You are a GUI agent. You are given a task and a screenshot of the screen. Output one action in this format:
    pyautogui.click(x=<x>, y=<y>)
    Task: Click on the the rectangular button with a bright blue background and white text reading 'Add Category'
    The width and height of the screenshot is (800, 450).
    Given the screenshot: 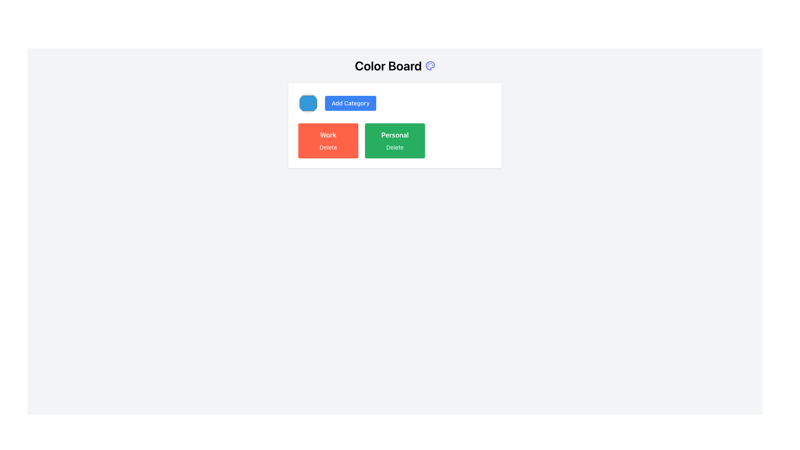 What is the action you would take?
    pyautogui.click(x=350, y=102)
    